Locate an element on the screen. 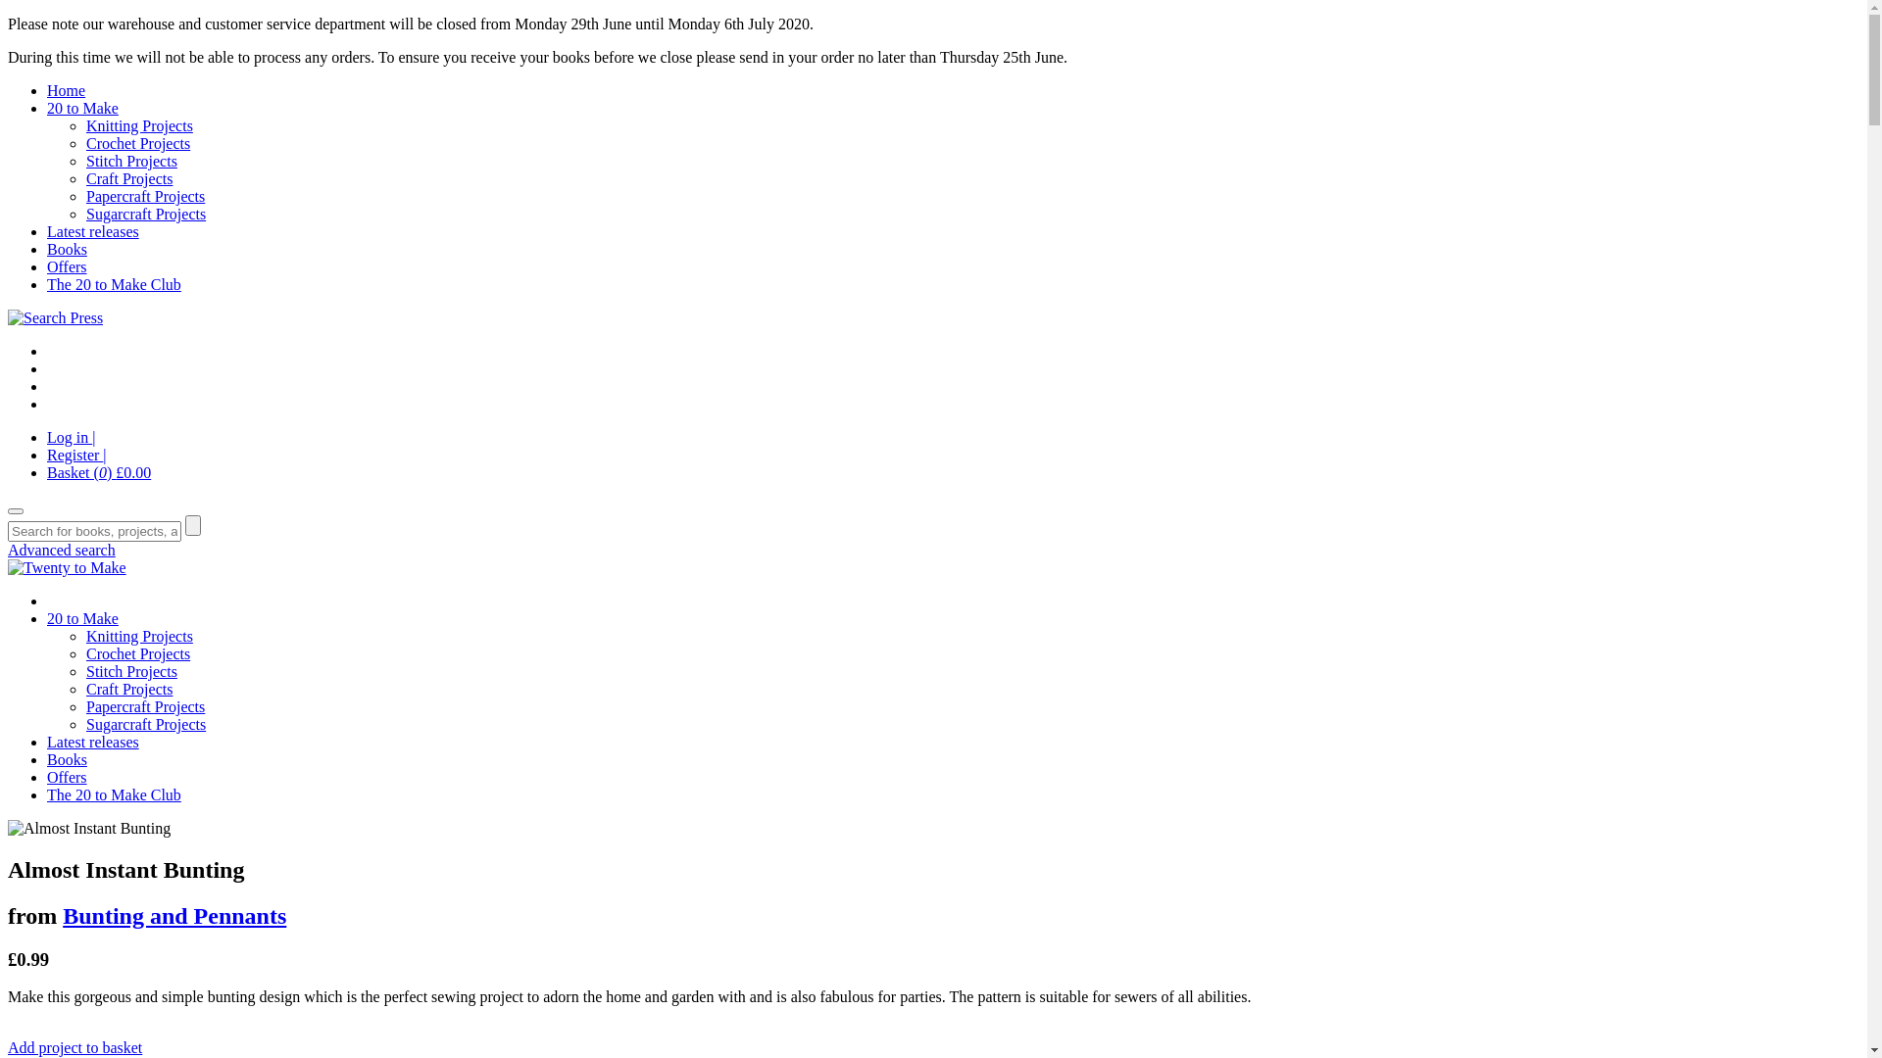 This screenshot has width=1882, height=1058. 'Sugarcraft Projects' is located at coordinates (144, 724).